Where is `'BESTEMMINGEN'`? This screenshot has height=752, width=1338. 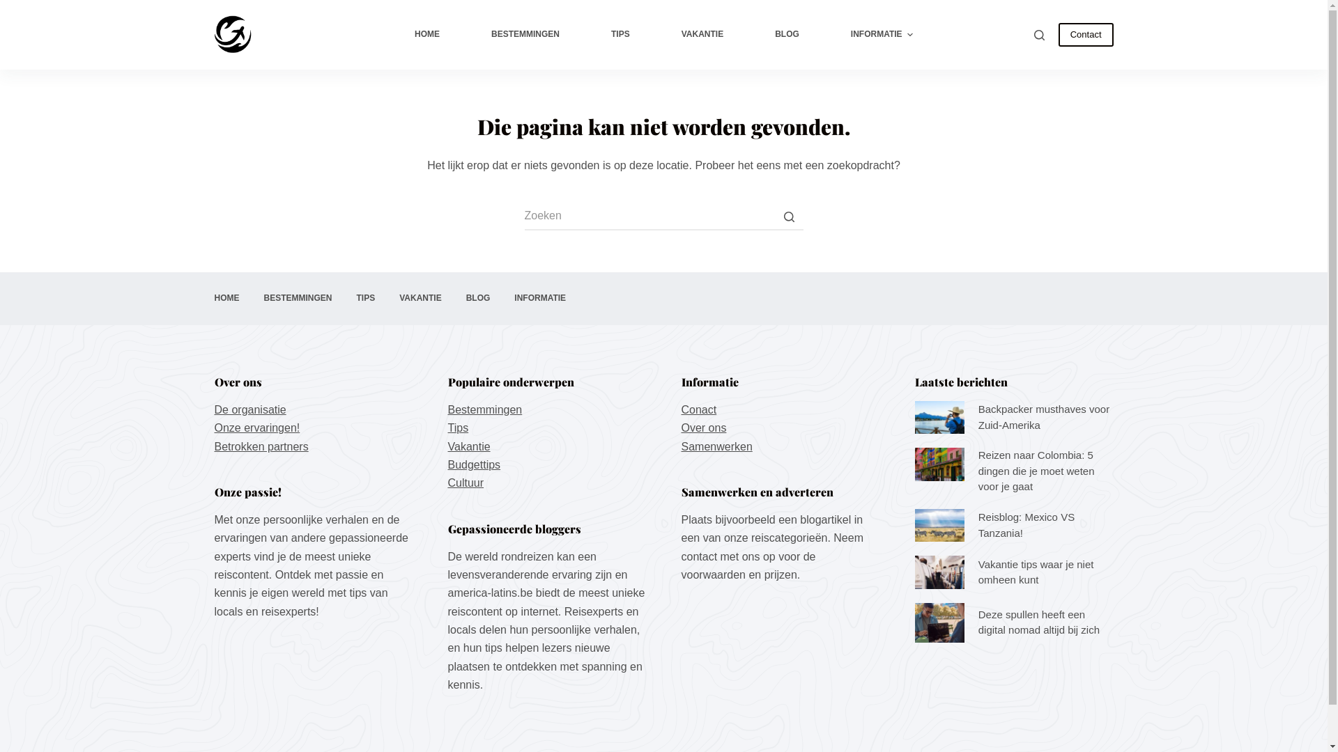 'BESTEMMINGEN' is located at coordinates (297, 297).